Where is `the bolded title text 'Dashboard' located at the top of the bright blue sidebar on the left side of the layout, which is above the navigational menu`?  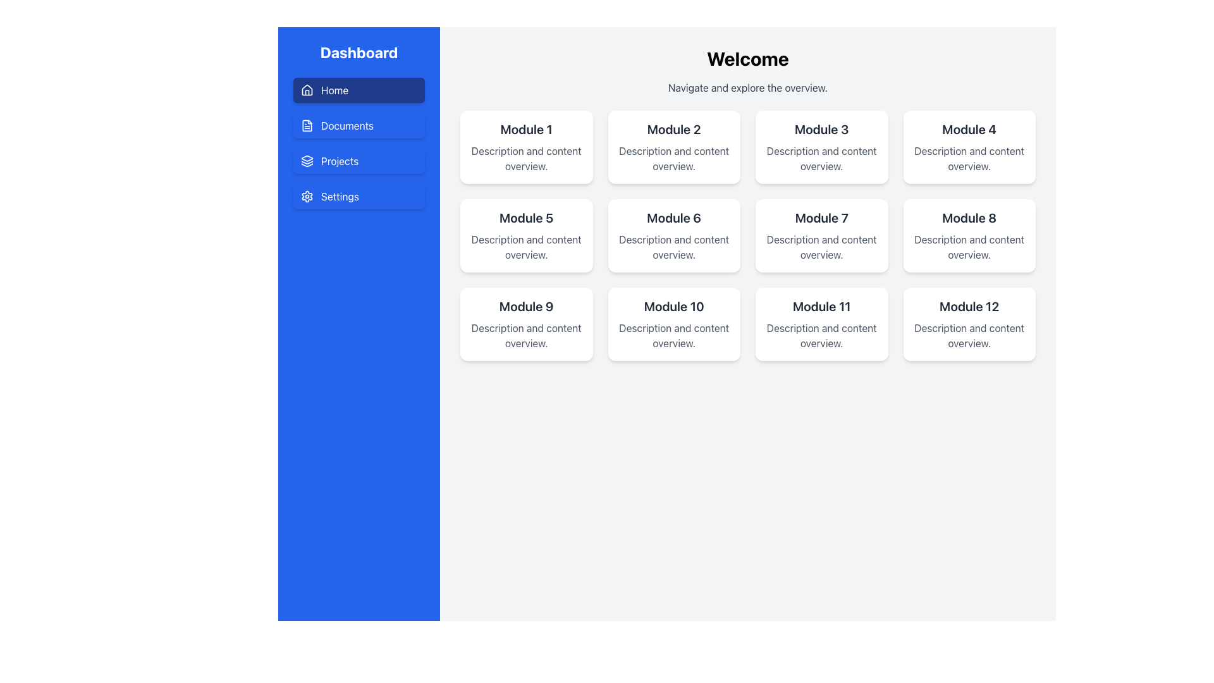
the bolded title text 'Dashboard' located at the top of the bright blue sidebar on the left side of the layout, which is above the navigational menu is located at coordinates (358, 52).